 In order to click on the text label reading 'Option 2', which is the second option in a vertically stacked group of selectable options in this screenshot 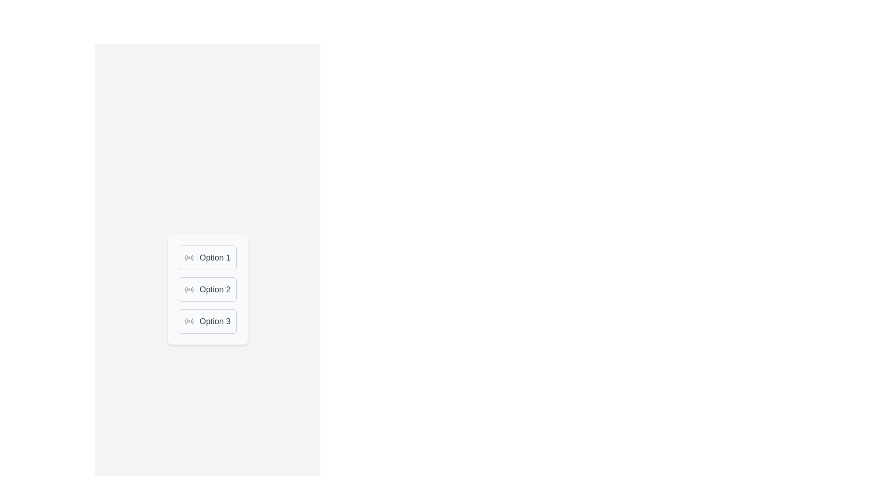, I will do `click(214, 289)`.